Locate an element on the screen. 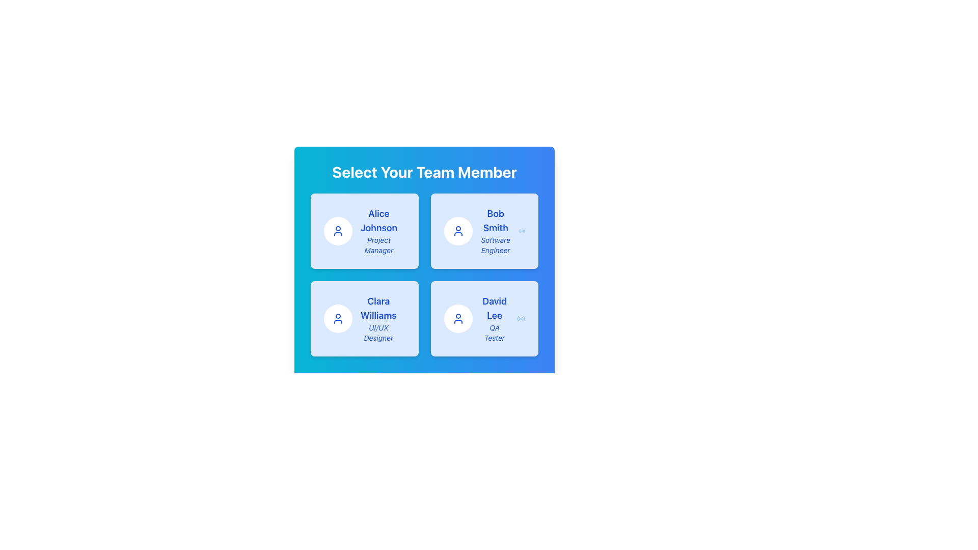 This screenshot has width=978, height=550. the card surrounding the user profile icon representing 'Bob Smith', located in the top-right quadrant of the user selection interface is located at coordinates (457, 231).